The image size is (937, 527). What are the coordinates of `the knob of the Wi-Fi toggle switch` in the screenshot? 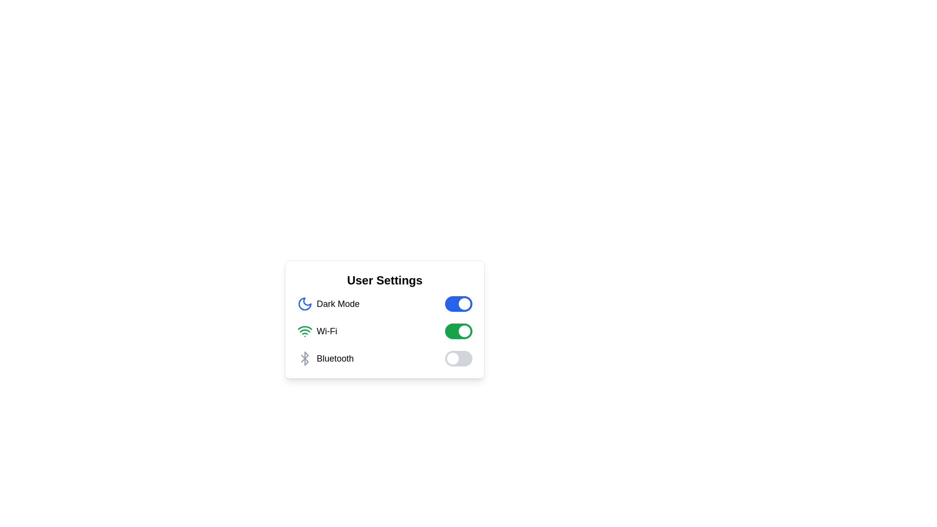 It's located at (458, 330).